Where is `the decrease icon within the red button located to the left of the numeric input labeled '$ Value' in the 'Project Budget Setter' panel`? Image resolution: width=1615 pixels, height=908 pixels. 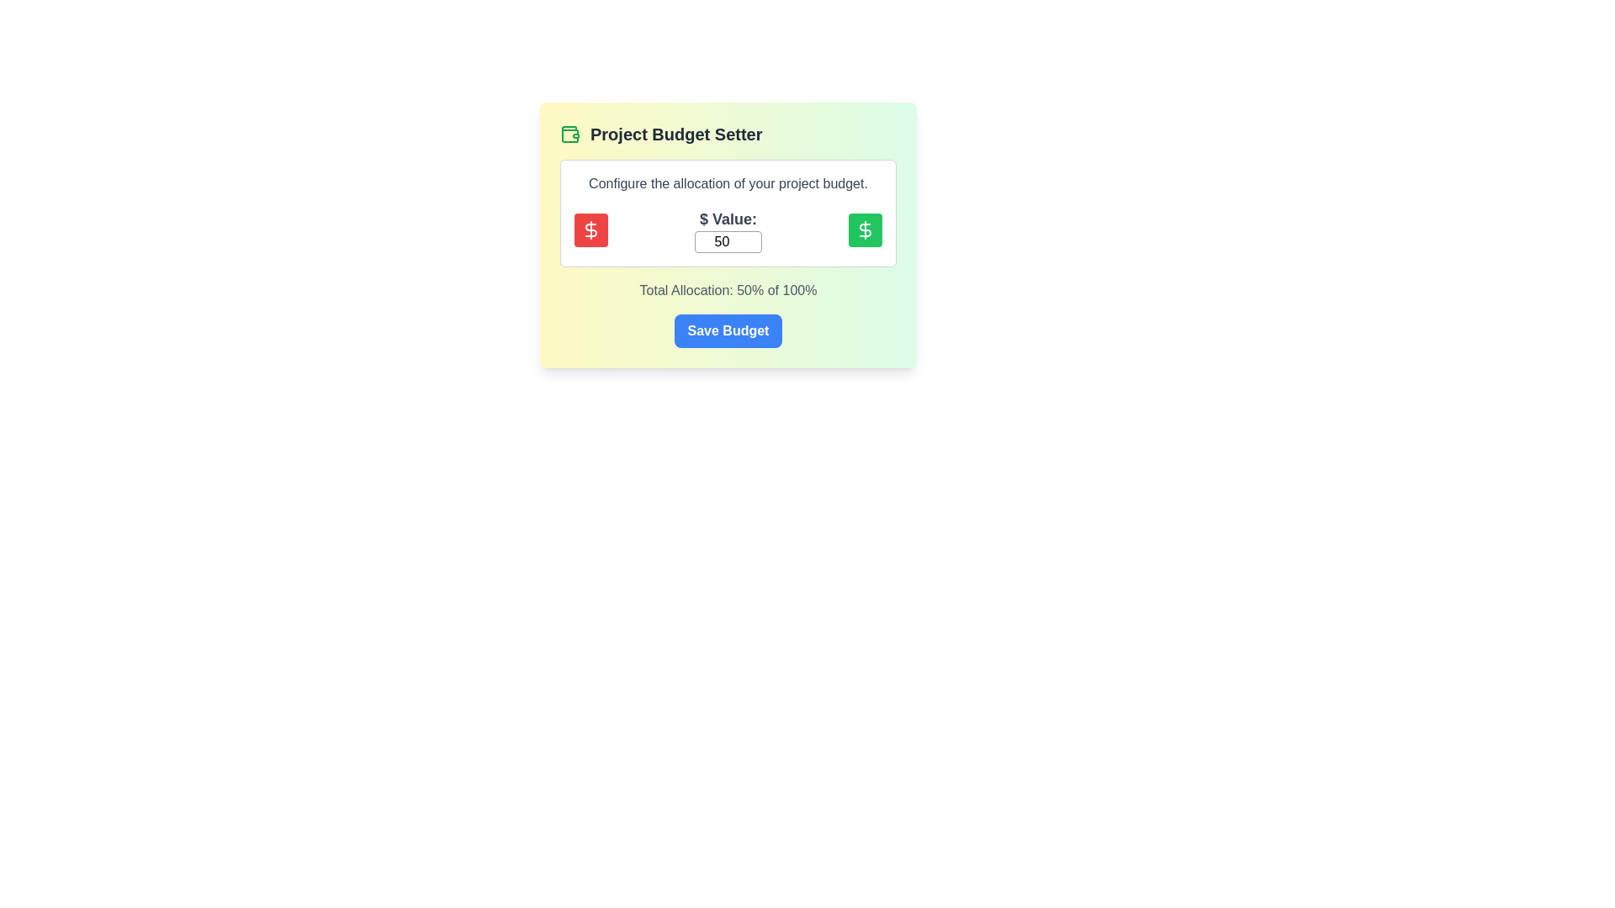 the decrease icon within the red button located to the left of the numeric input labeled '$ Value' in the 'Project Budget Setter' panel is located at coordinates (590, 230).